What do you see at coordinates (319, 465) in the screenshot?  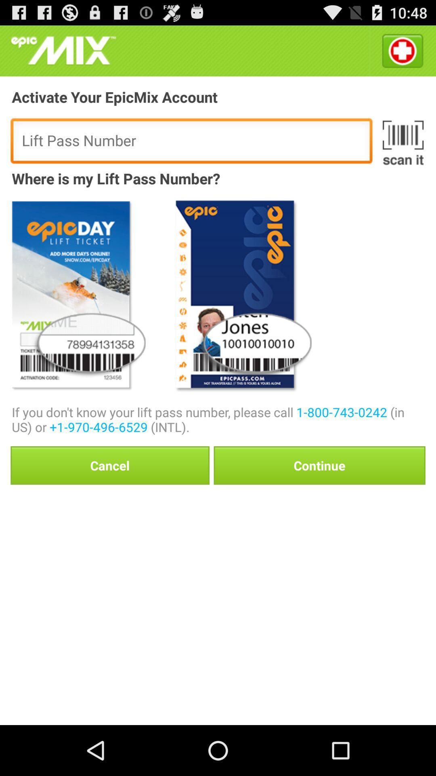 I see `the icon next to the cancel item` at bounding box center [319, 465].